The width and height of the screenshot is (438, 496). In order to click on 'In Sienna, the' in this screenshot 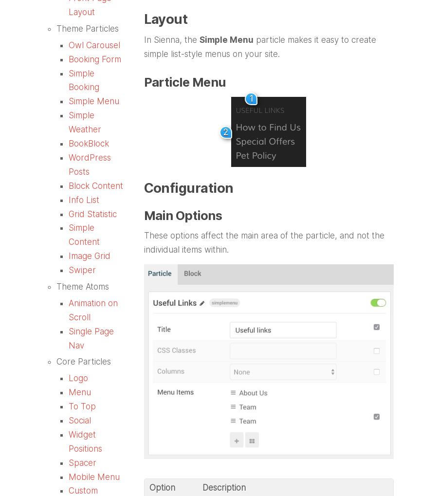, I will do `click(171, 40)`.